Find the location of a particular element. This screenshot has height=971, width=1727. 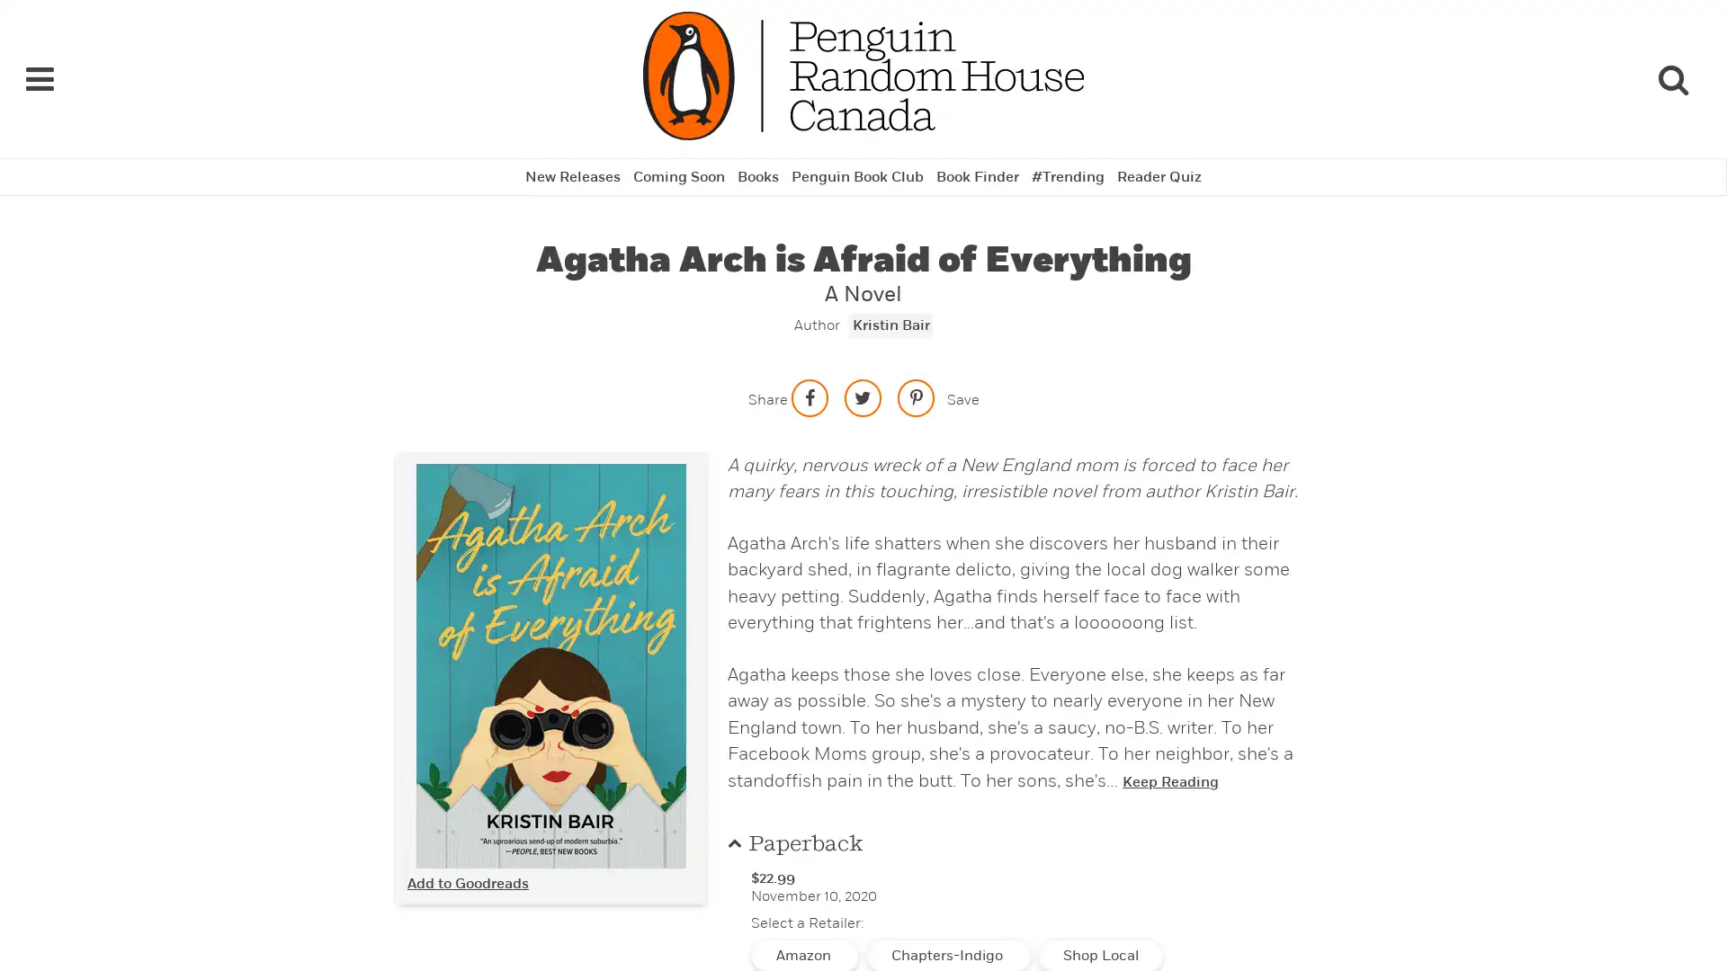

Chapters-Indigo is located at coordinates (948, 895).